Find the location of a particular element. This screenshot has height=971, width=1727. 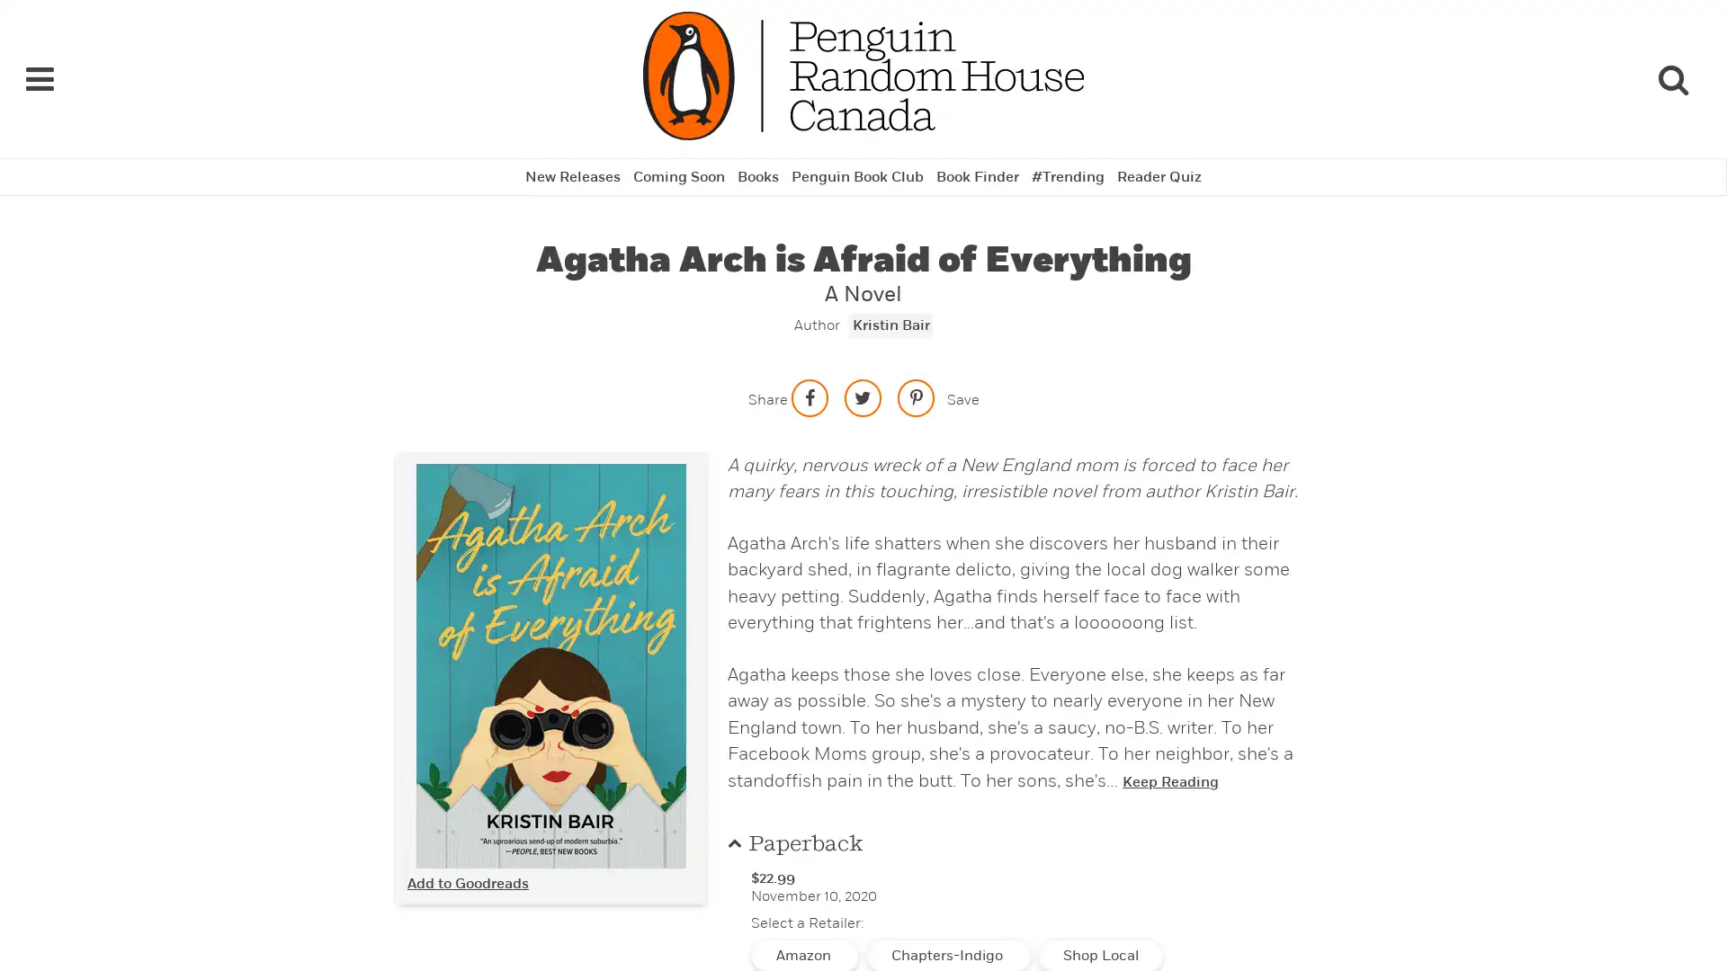

Chapters-Indigo is located at coordinates (948, 895).